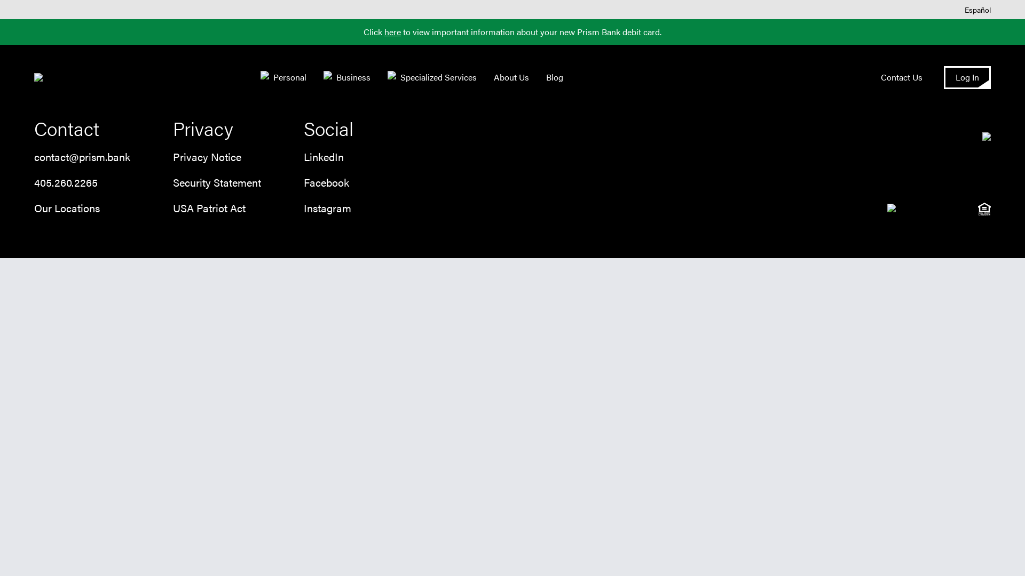  Describe the element at coordinates (546, 76) in the screenshot. I see `'Blog'` at that location.